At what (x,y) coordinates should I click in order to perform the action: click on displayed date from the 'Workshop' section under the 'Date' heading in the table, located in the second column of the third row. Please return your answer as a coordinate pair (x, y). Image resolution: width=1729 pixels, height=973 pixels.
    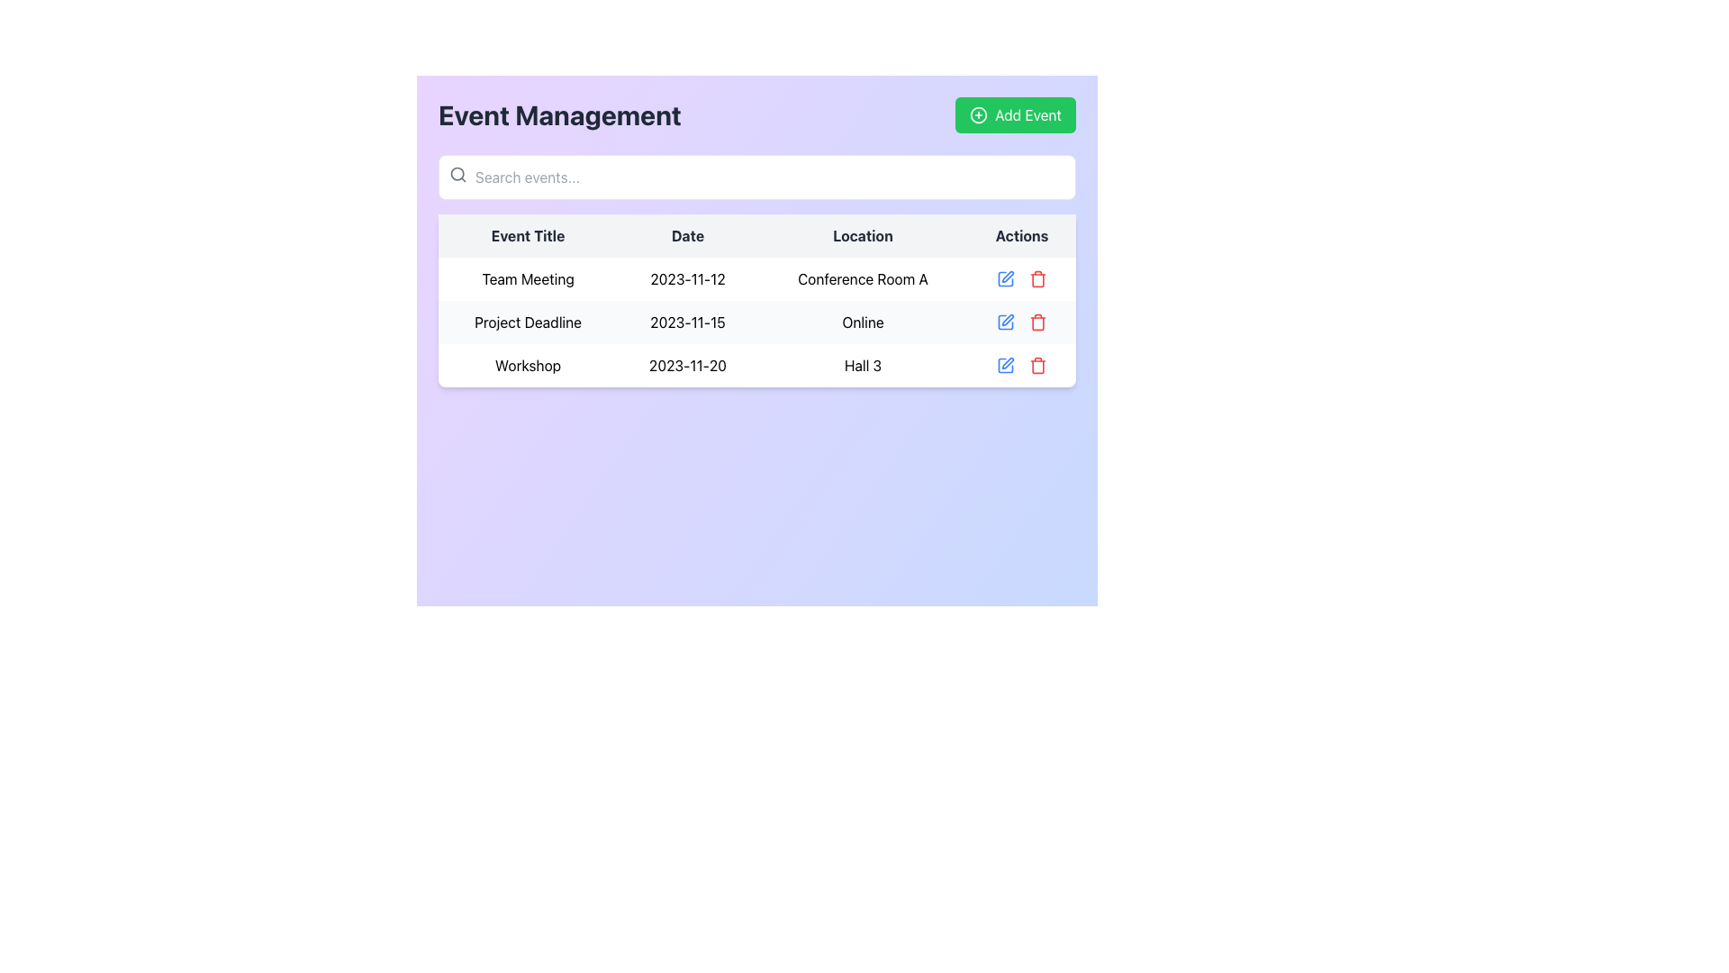
    Looking at the image, I should click on (686, 365).